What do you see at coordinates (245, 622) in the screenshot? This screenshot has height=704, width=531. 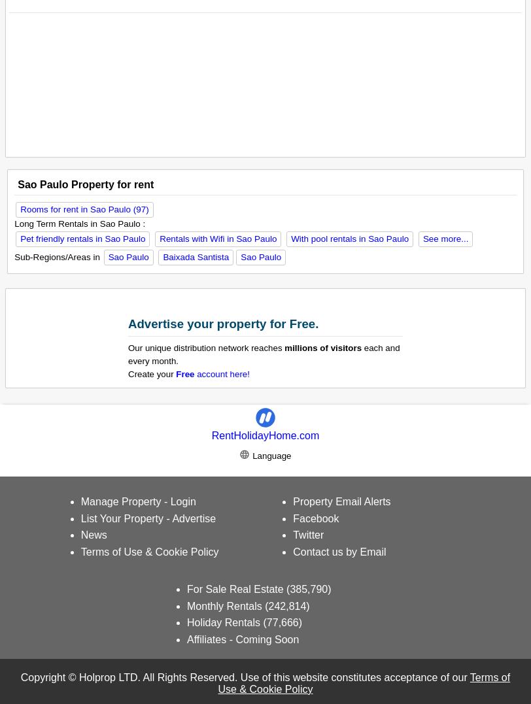 I see `'Holiday Rentals (77,666)'` at bounding box center [245, 622].